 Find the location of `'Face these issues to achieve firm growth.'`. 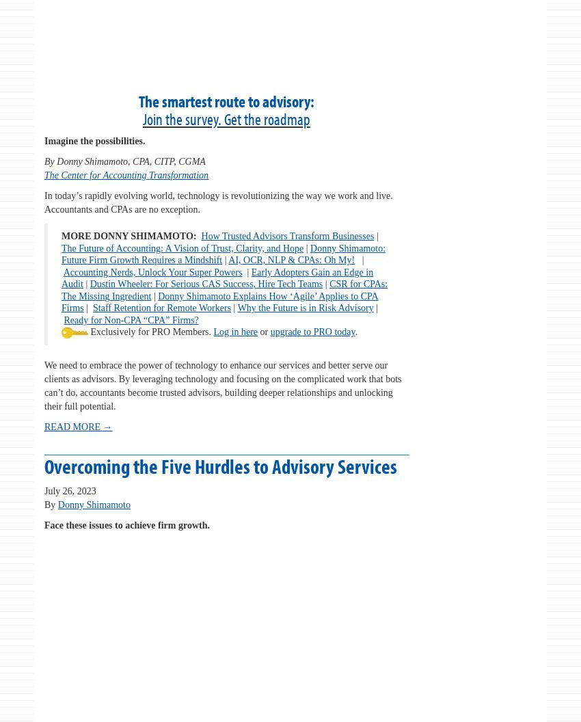

'Face these issues to achieve firm growth.' is located at coordinates (126, 524).